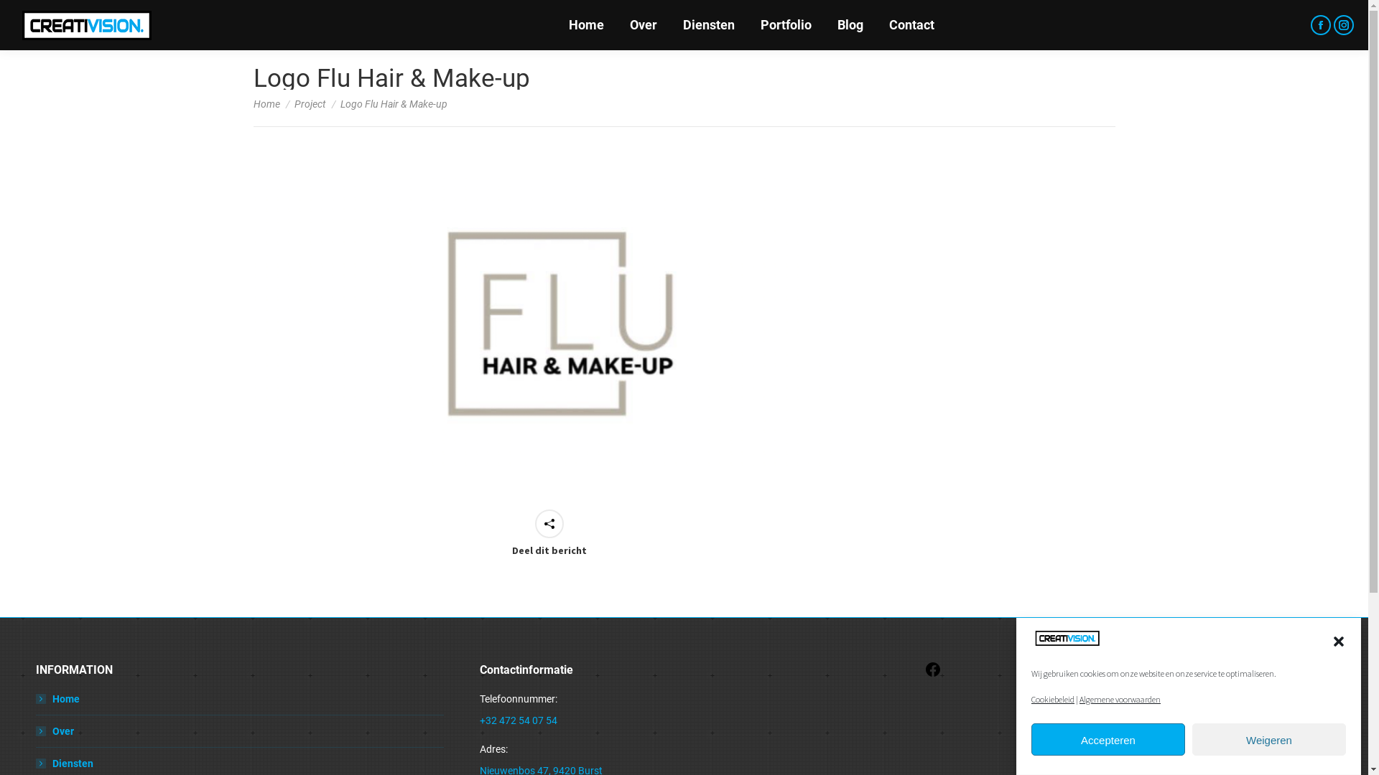 This screenshot has width=1379, height=775. I want to click on 'Weigeren', so click(1268, 740).